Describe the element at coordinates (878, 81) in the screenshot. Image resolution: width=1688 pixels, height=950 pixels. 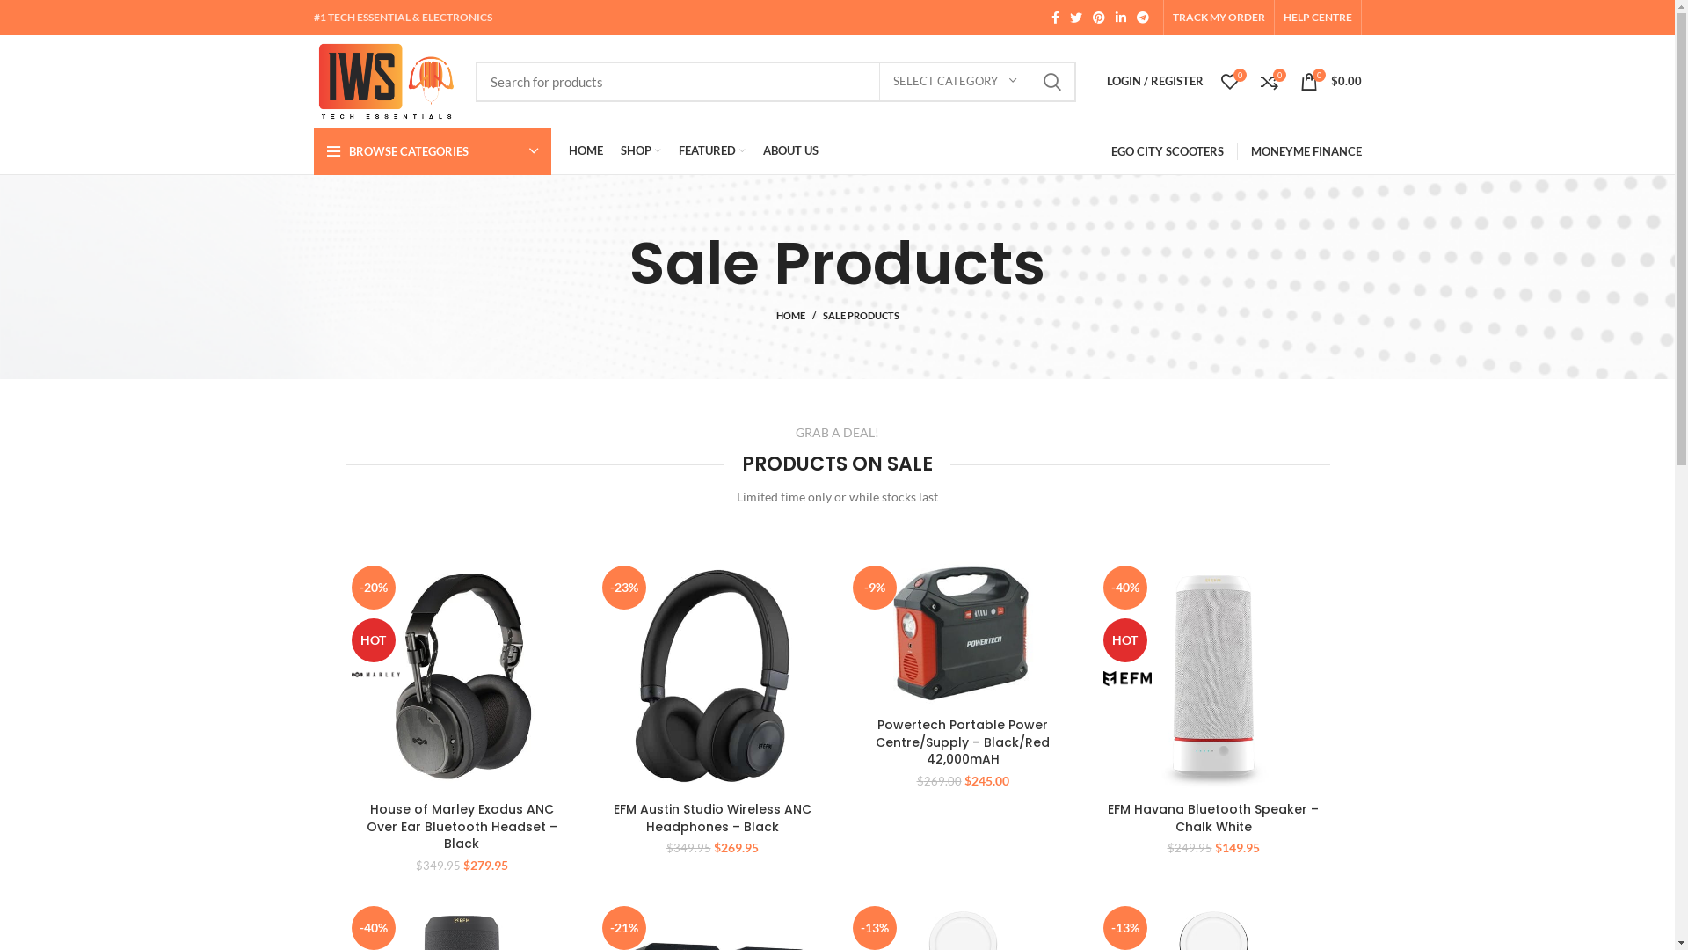
I see `'SELECT CATEGORY'` at that location.